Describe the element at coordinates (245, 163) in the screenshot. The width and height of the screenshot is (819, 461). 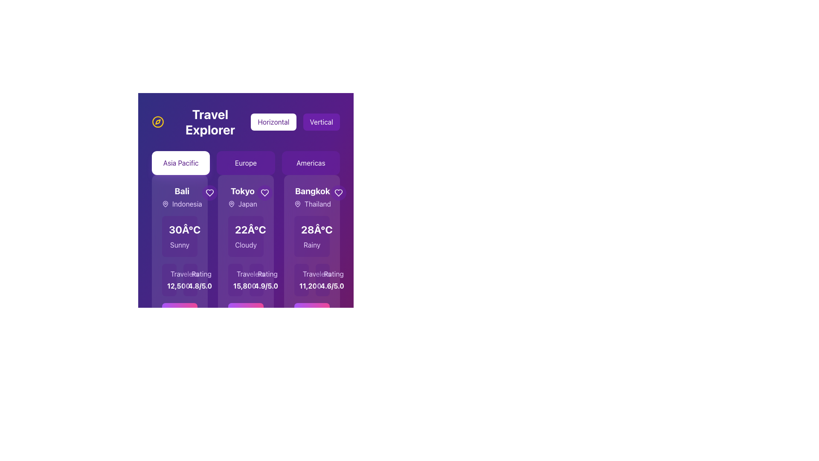
I see `the button labeled 'Europe', which has a purple background and white text` at that location.